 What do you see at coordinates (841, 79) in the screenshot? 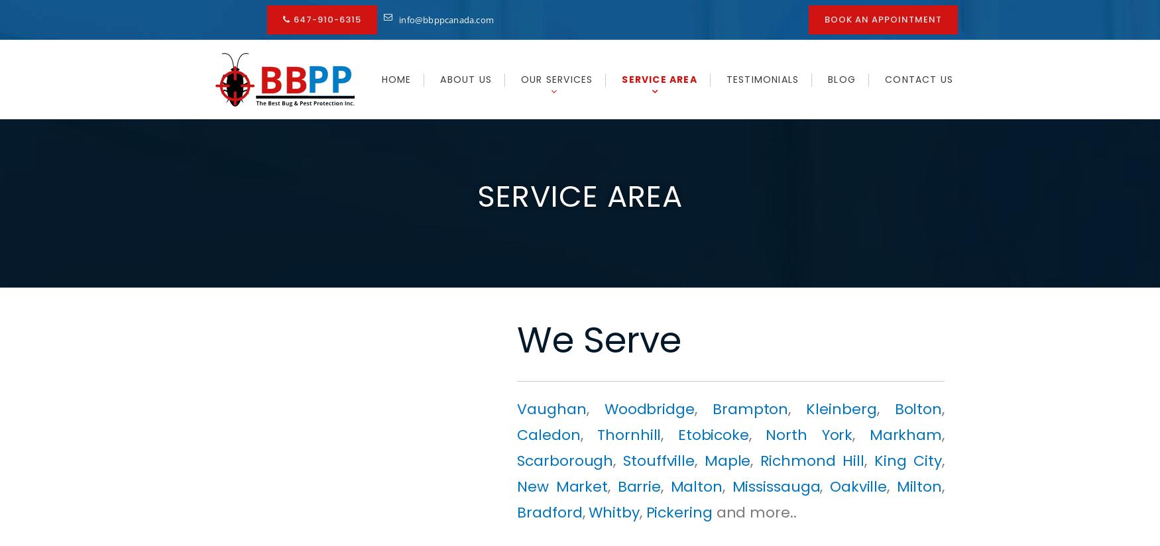
I see `'Blog'` at bounding box center [841, 79].